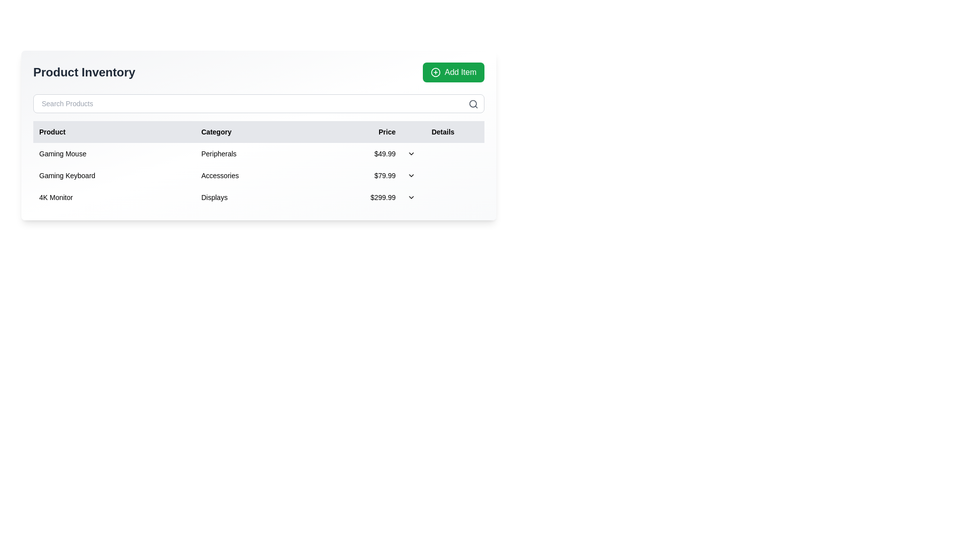  I want to click on the chevron down icon located in the last row of the table under the 'Details' column, so click(411, 197).